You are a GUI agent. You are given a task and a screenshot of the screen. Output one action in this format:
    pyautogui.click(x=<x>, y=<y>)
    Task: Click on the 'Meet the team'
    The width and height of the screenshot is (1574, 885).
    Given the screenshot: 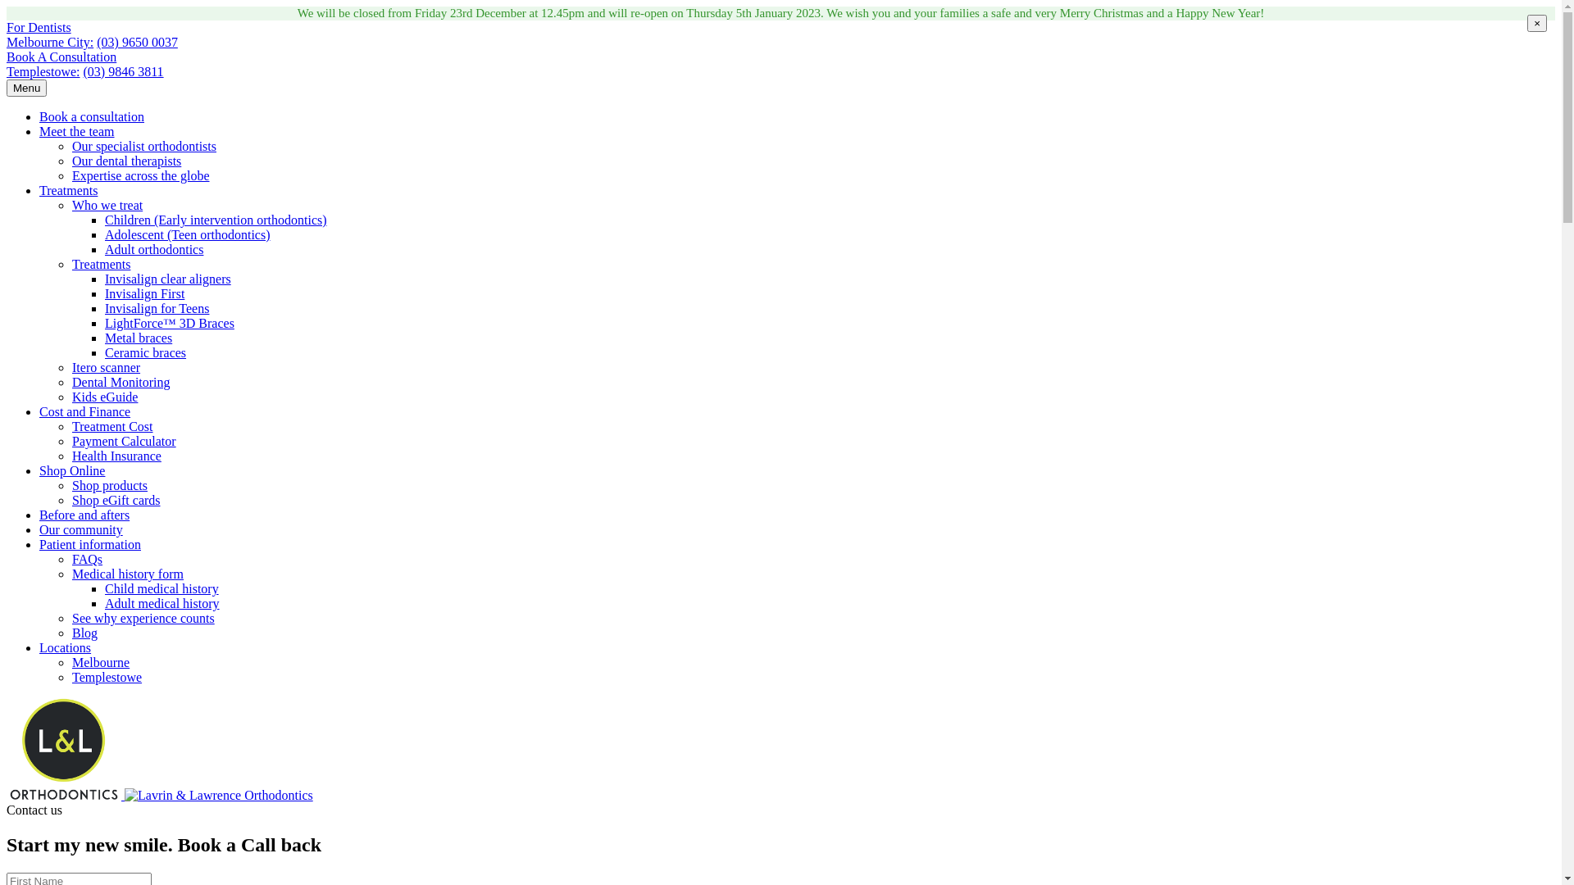 What is the action you would take?
    pyautogui.click(x=76, y=130)
    